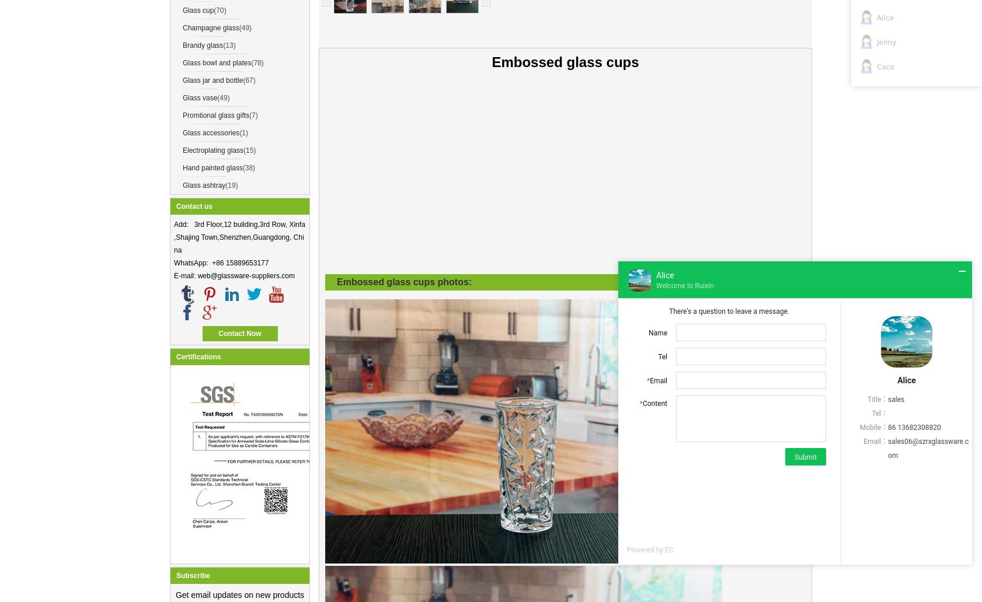 The image size is (982, 602). I want to click on 'Certifications', so click(197, 356).